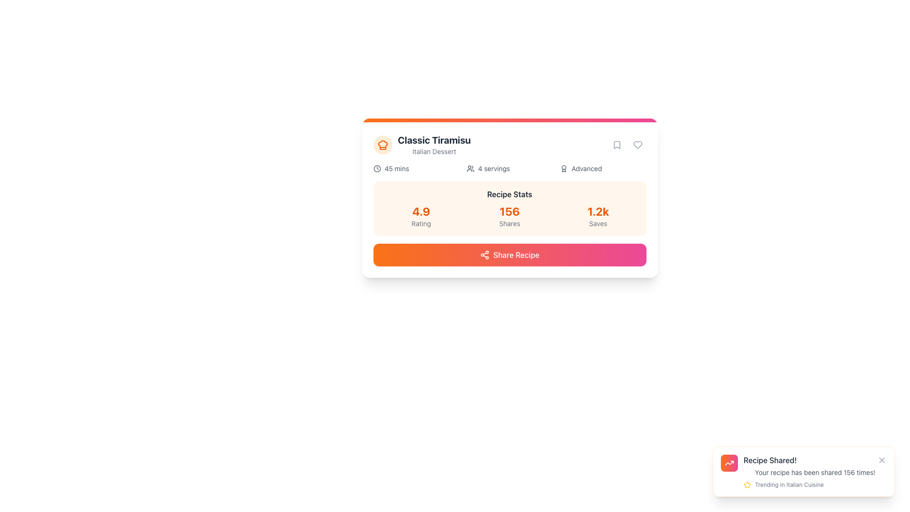  What do you see at coordinates (637, 145) in the screenshot?
I see `the heart icon located at the top-right corner of the recipe card` at bounding box center [637, 145].